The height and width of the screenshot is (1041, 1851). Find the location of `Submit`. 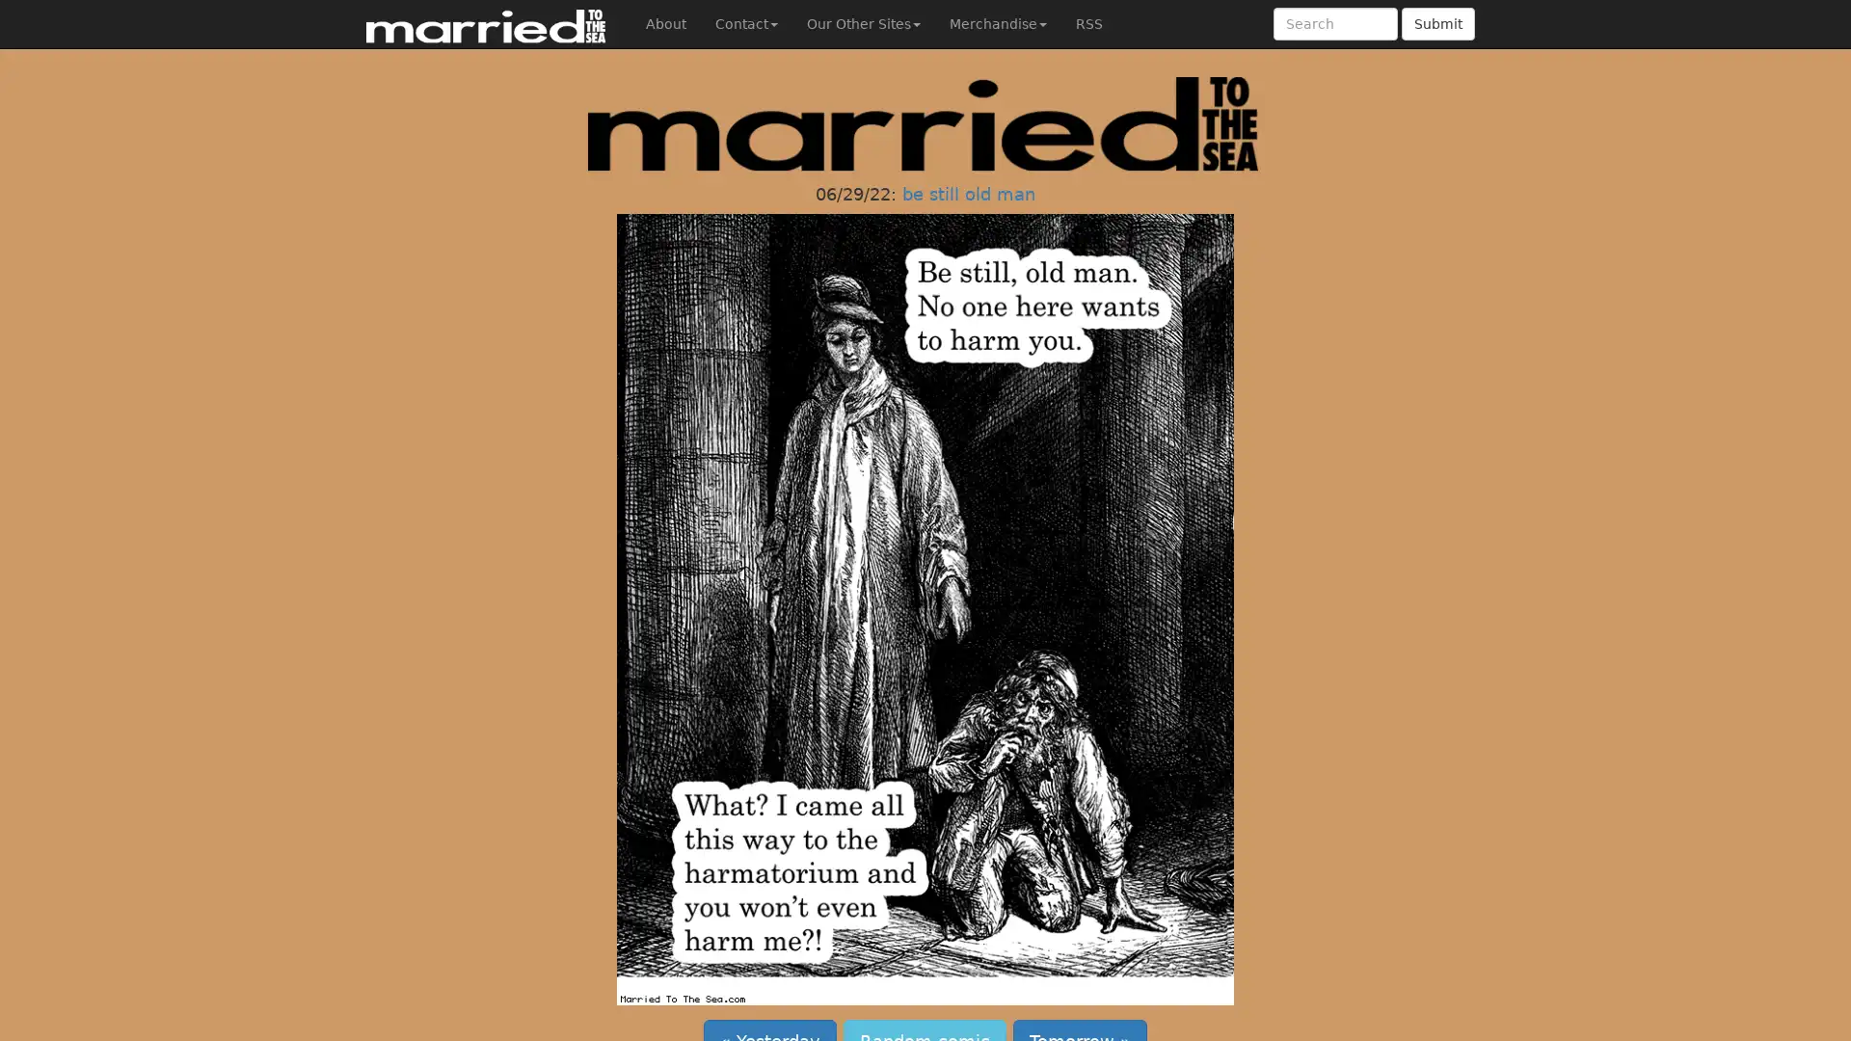

Submit is located at coordinates (1438, 23).